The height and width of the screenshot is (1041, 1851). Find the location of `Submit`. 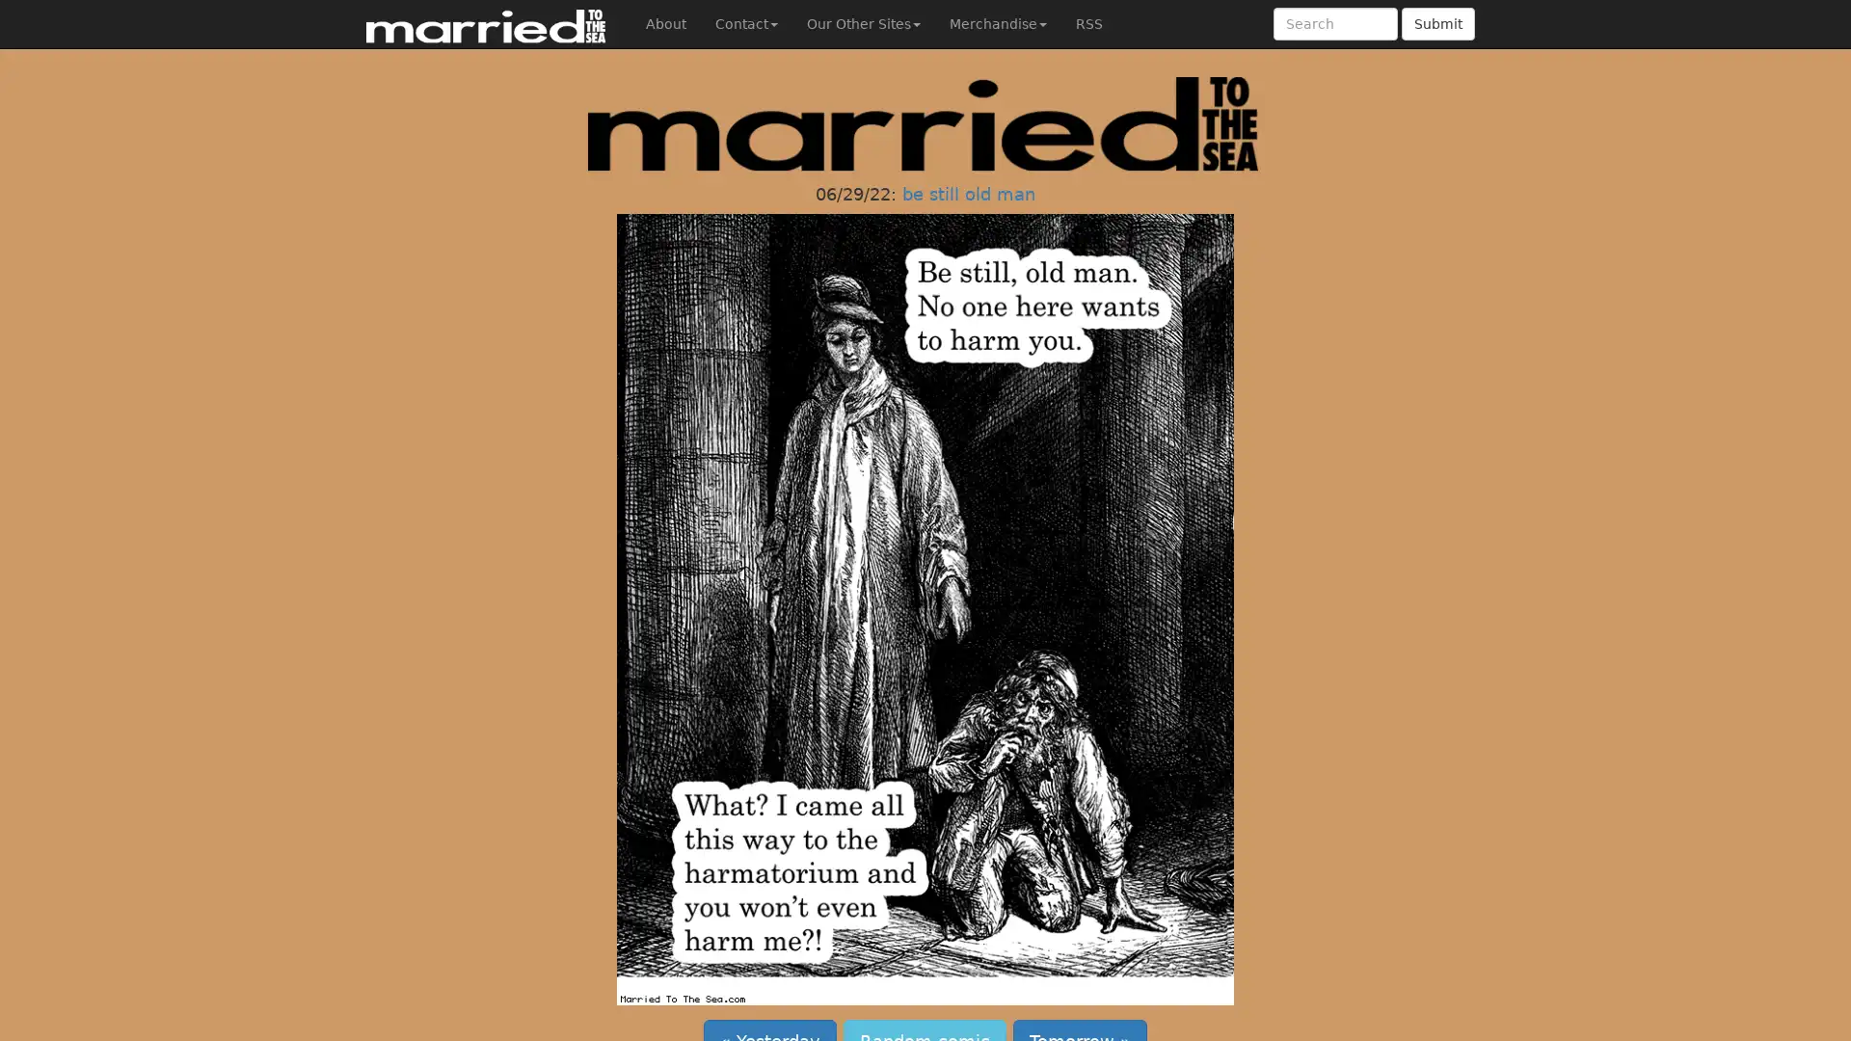

Submit is located at coordinates (1438, 23).